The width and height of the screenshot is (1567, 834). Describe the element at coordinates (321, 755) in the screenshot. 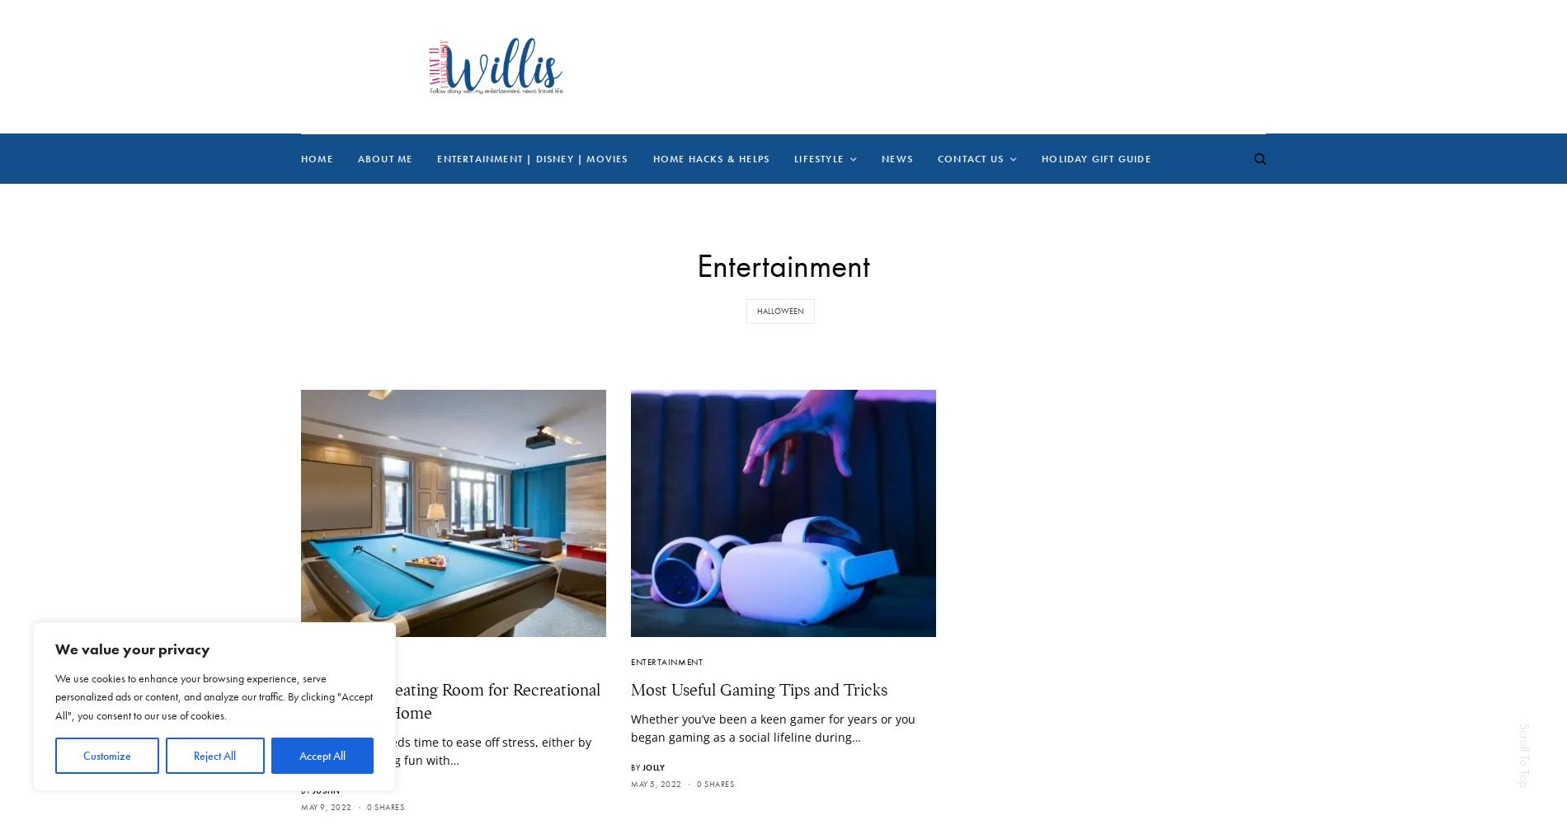

I see `'Accept All'` at that location.